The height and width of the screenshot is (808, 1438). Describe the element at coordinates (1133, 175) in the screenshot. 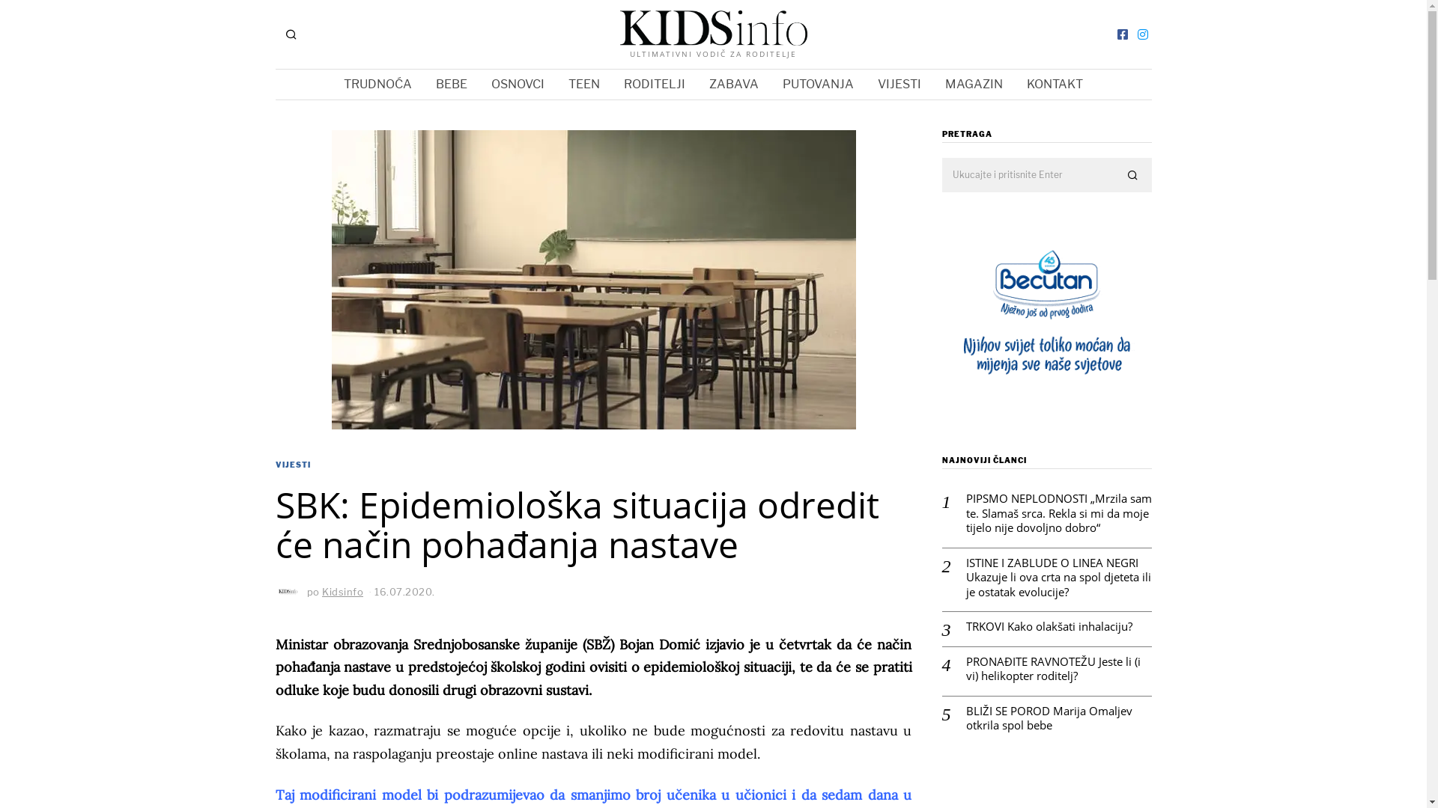

I see `'Go'` at that location.